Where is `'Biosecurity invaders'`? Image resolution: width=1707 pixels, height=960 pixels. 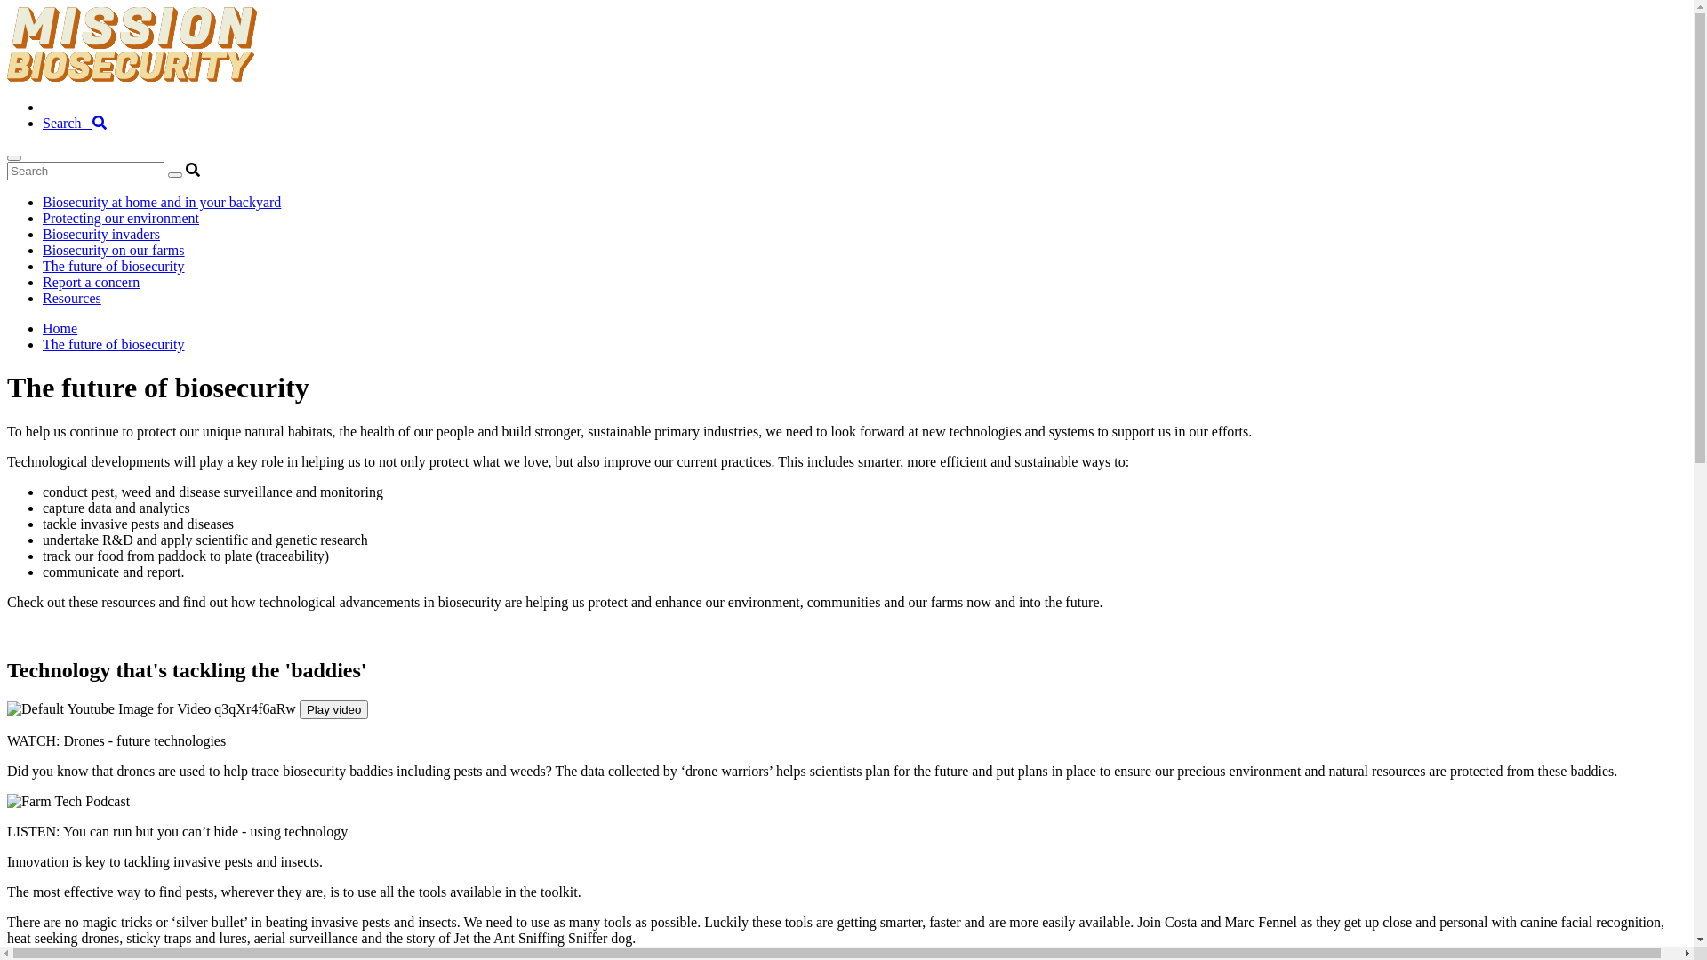
'Biosecurity invaders' is located at coordinates (100, 233).